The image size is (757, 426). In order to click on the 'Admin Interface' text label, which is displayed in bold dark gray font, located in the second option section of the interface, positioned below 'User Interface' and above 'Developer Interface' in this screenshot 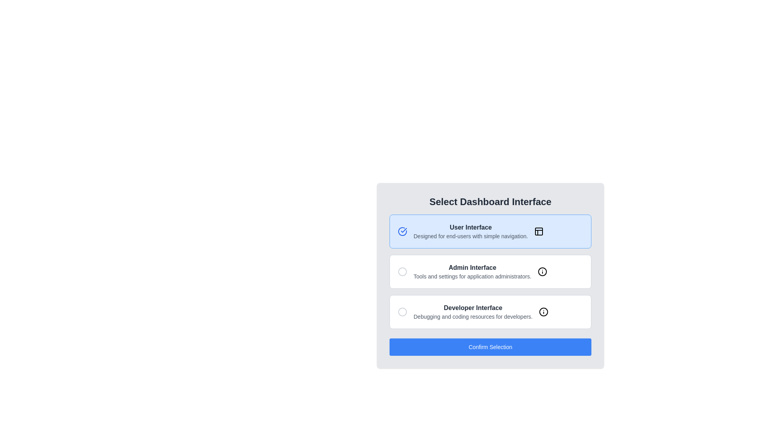, I will do `click(472, 267)`.